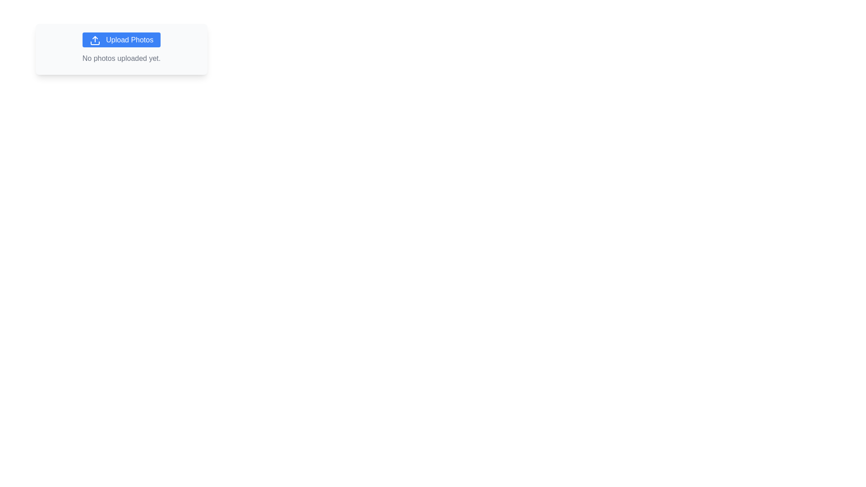  Describe the element at coordinates (121, 39) in the screenshot. I see `the button that initiates photo uploads, located centrally above the text 'No photos uploaded yet.'` at that location.